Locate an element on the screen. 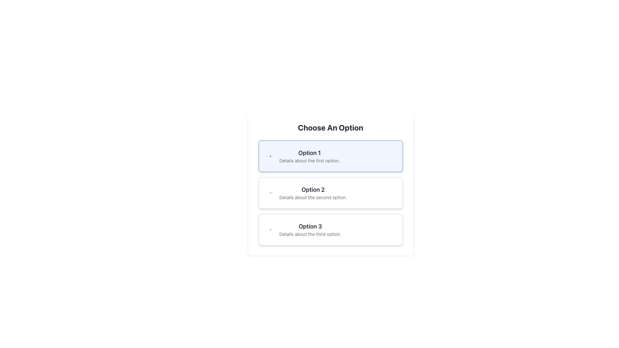  the 'Option 3' text label, which is part of a selectable card or panel displaying the text in bold and dark-gray color is located at coordinates (310, 226).